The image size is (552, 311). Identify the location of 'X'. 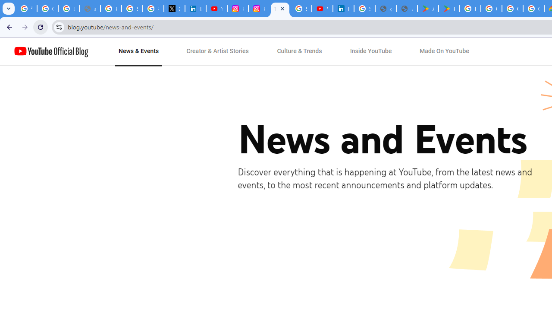
(174, 9).